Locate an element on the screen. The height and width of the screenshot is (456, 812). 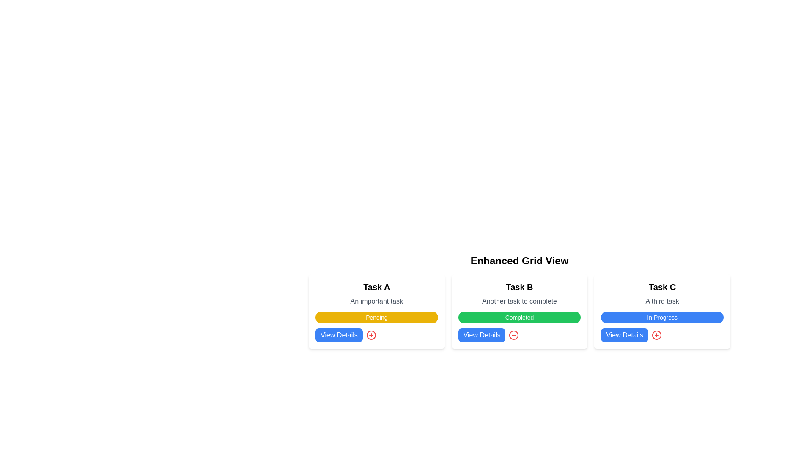
the circular SVG graphic element located below the 'Pending' label and next to the 'View Details' button in the Task A card for interaction is located at coordinates (371, 335).